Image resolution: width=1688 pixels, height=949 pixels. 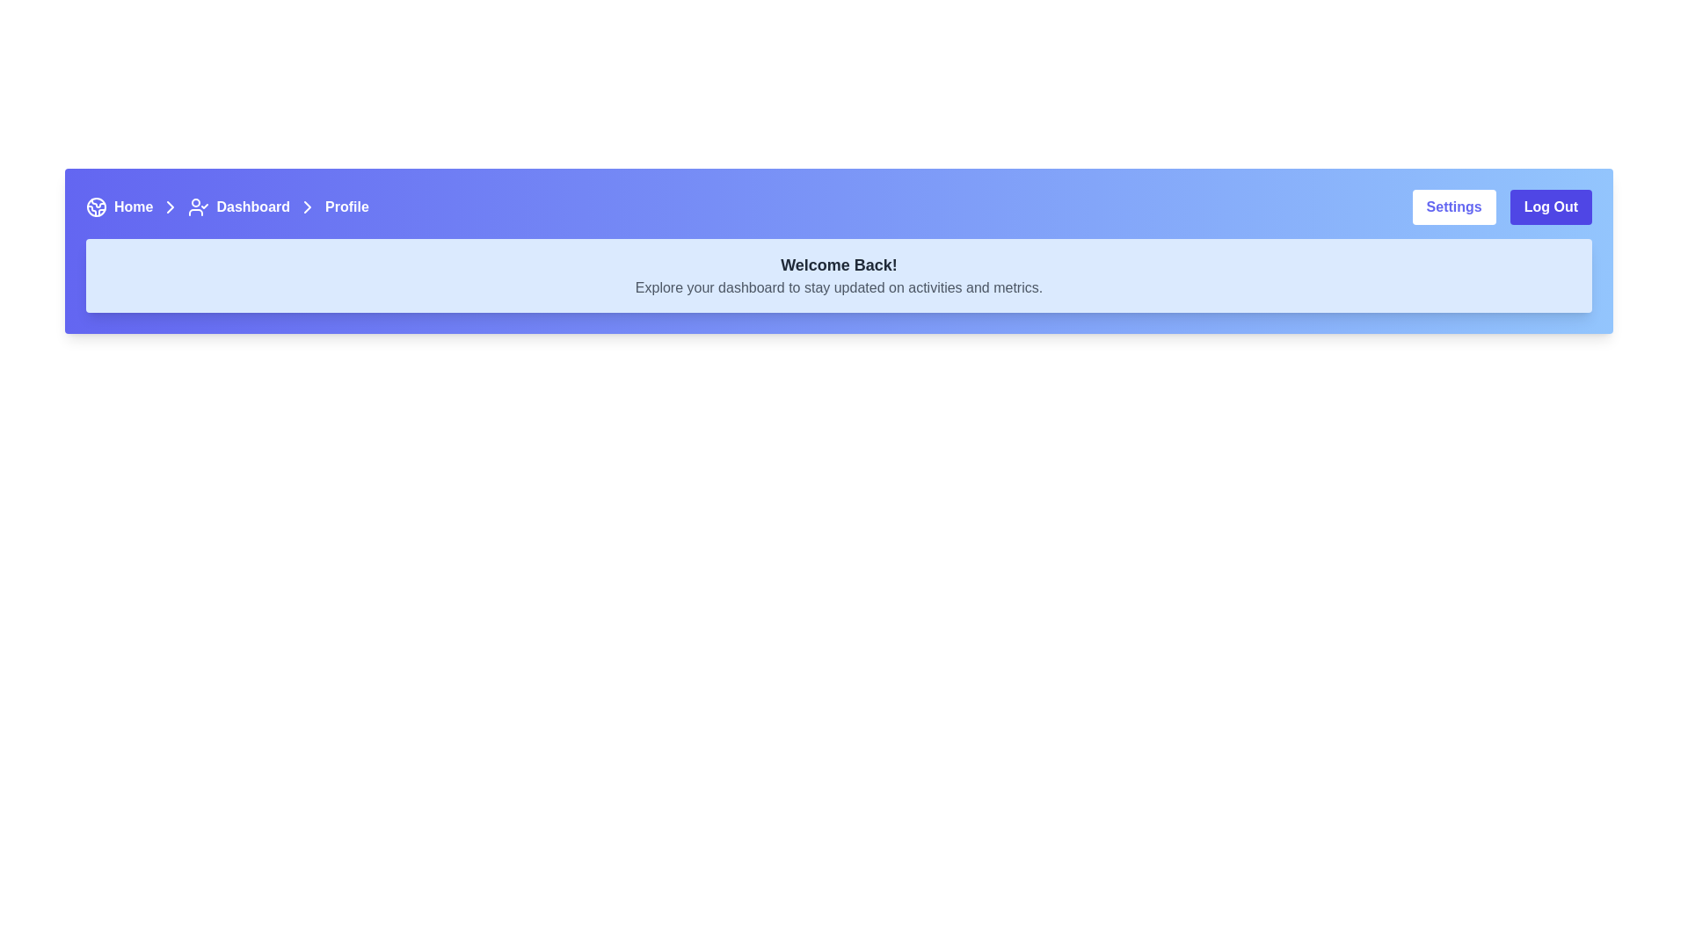 What do you see at coordinates (226, 206) in the screenshot?
I see `the breadcrumb link labeled 'Dashboard'` at bounding box center [226, 206].